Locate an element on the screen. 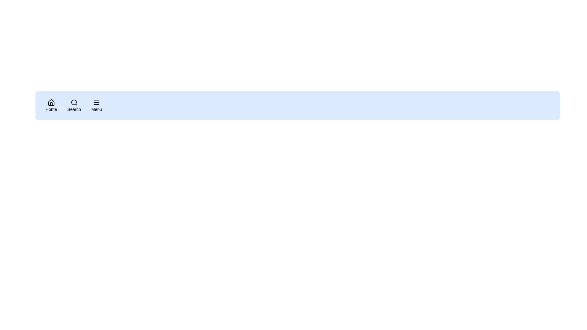  the third icon from the left in the navigation bar, which consists of three horizontal lines representing a menu icon is located at coordinates (96, 102).